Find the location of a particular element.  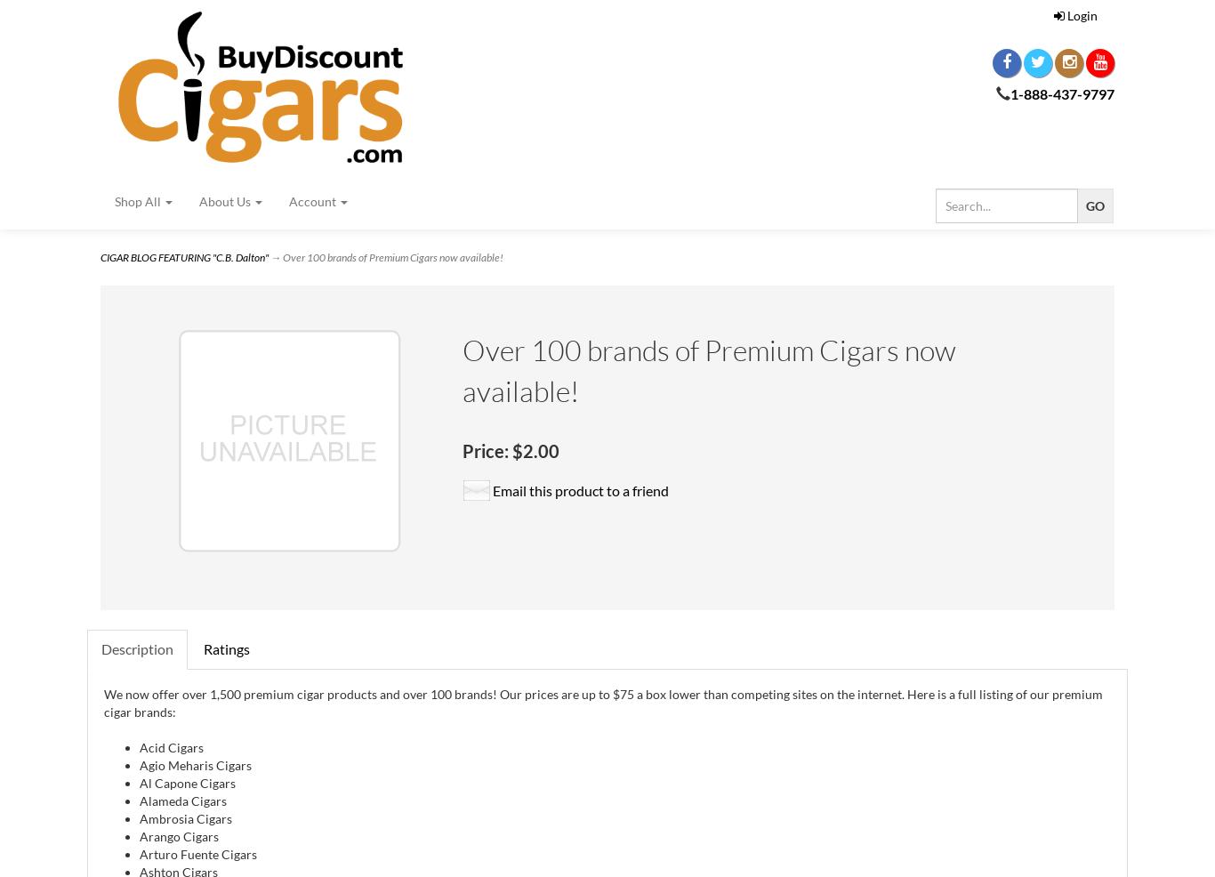

'CIGAR BLOG FEATURING "C.B. Dalton"' is located at coordinates (183, 257).